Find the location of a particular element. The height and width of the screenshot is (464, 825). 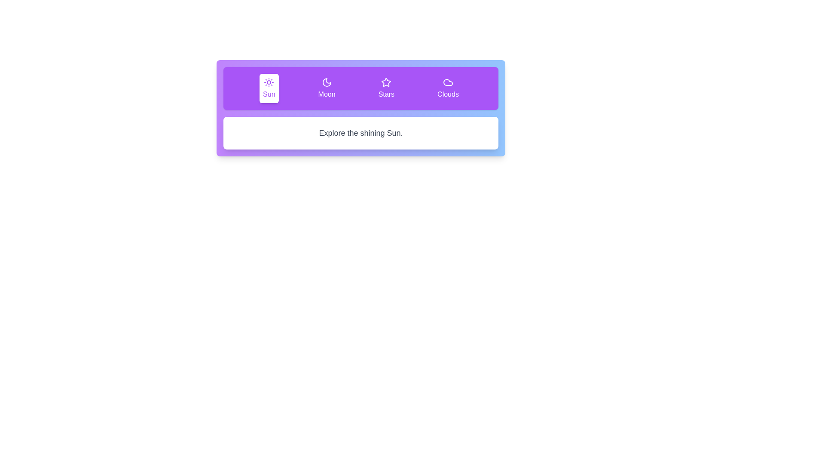

the 'Clouds' navigation button, which is the fourth button in a horizontal menu, featuring a white cloud icon and a purple background is located at coordinates (447, 88).